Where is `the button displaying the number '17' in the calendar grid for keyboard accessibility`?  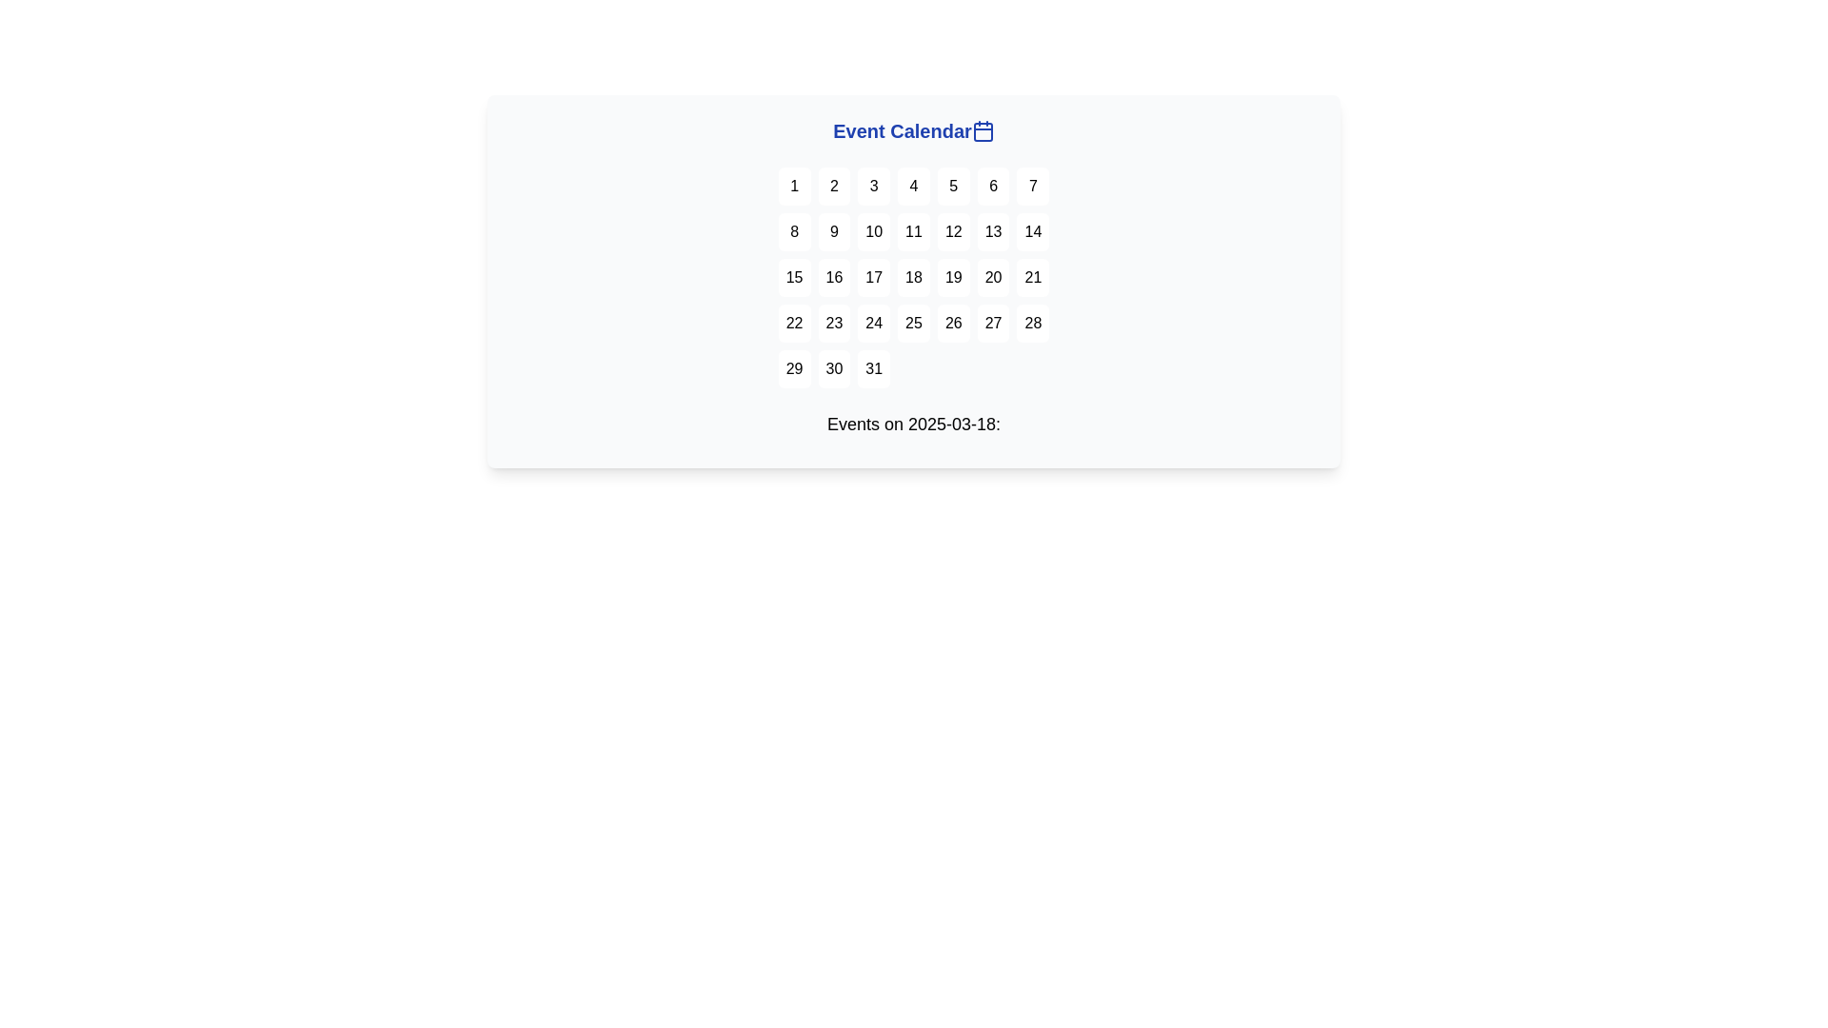 the button displaying the number '17' in the calendar grid for keyboard accessibility is located at coordinates (873, 278).